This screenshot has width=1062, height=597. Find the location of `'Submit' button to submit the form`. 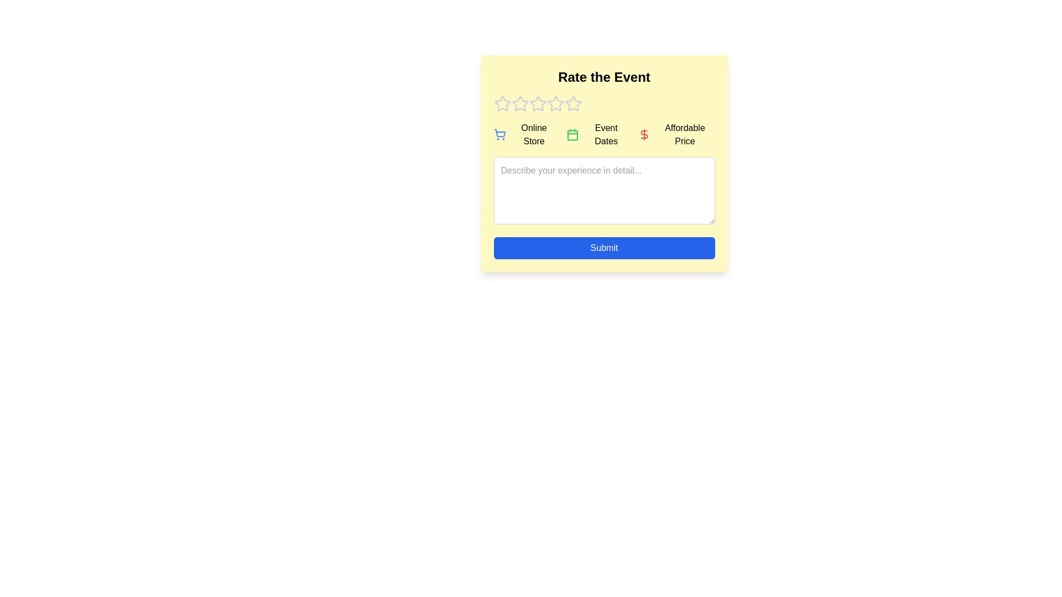

'Submit' button to submit the form is located at coordinates (603, 247).